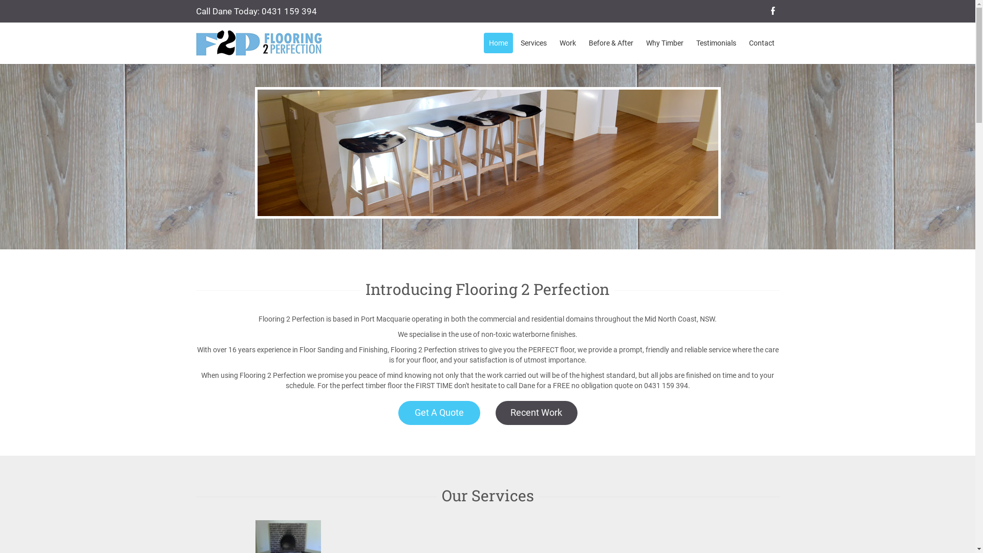  I want to click on 'Why Timber', so click(665, 42).